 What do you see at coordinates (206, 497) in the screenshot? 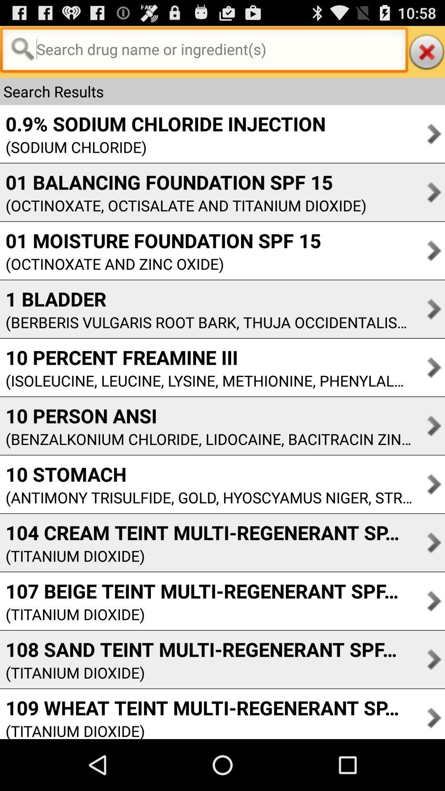
I see `antimony trisulfide gold item` at bounding box center [206, 497].